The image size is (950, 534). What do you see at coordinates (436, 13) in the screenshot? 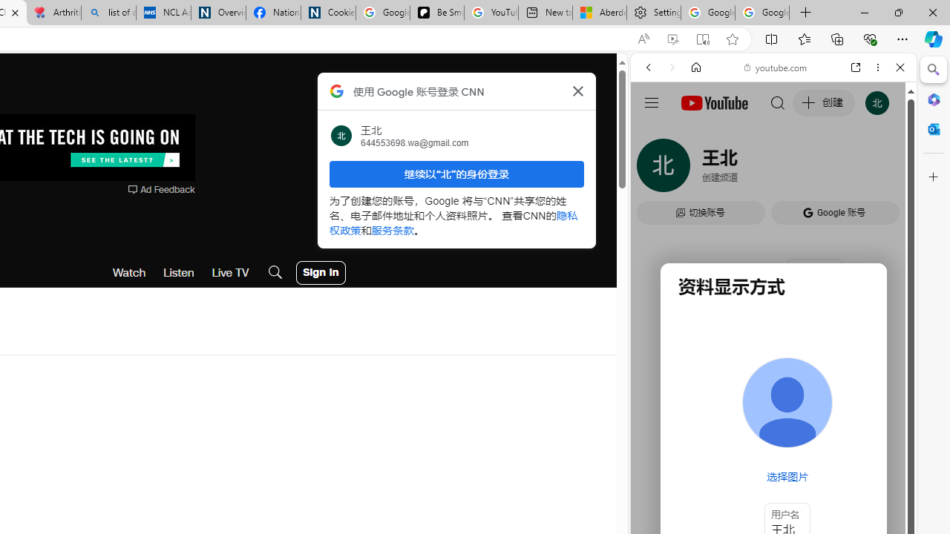
I see `'Be Smart | creating Science videos | Patreon'` at bounding box center [436, 13].